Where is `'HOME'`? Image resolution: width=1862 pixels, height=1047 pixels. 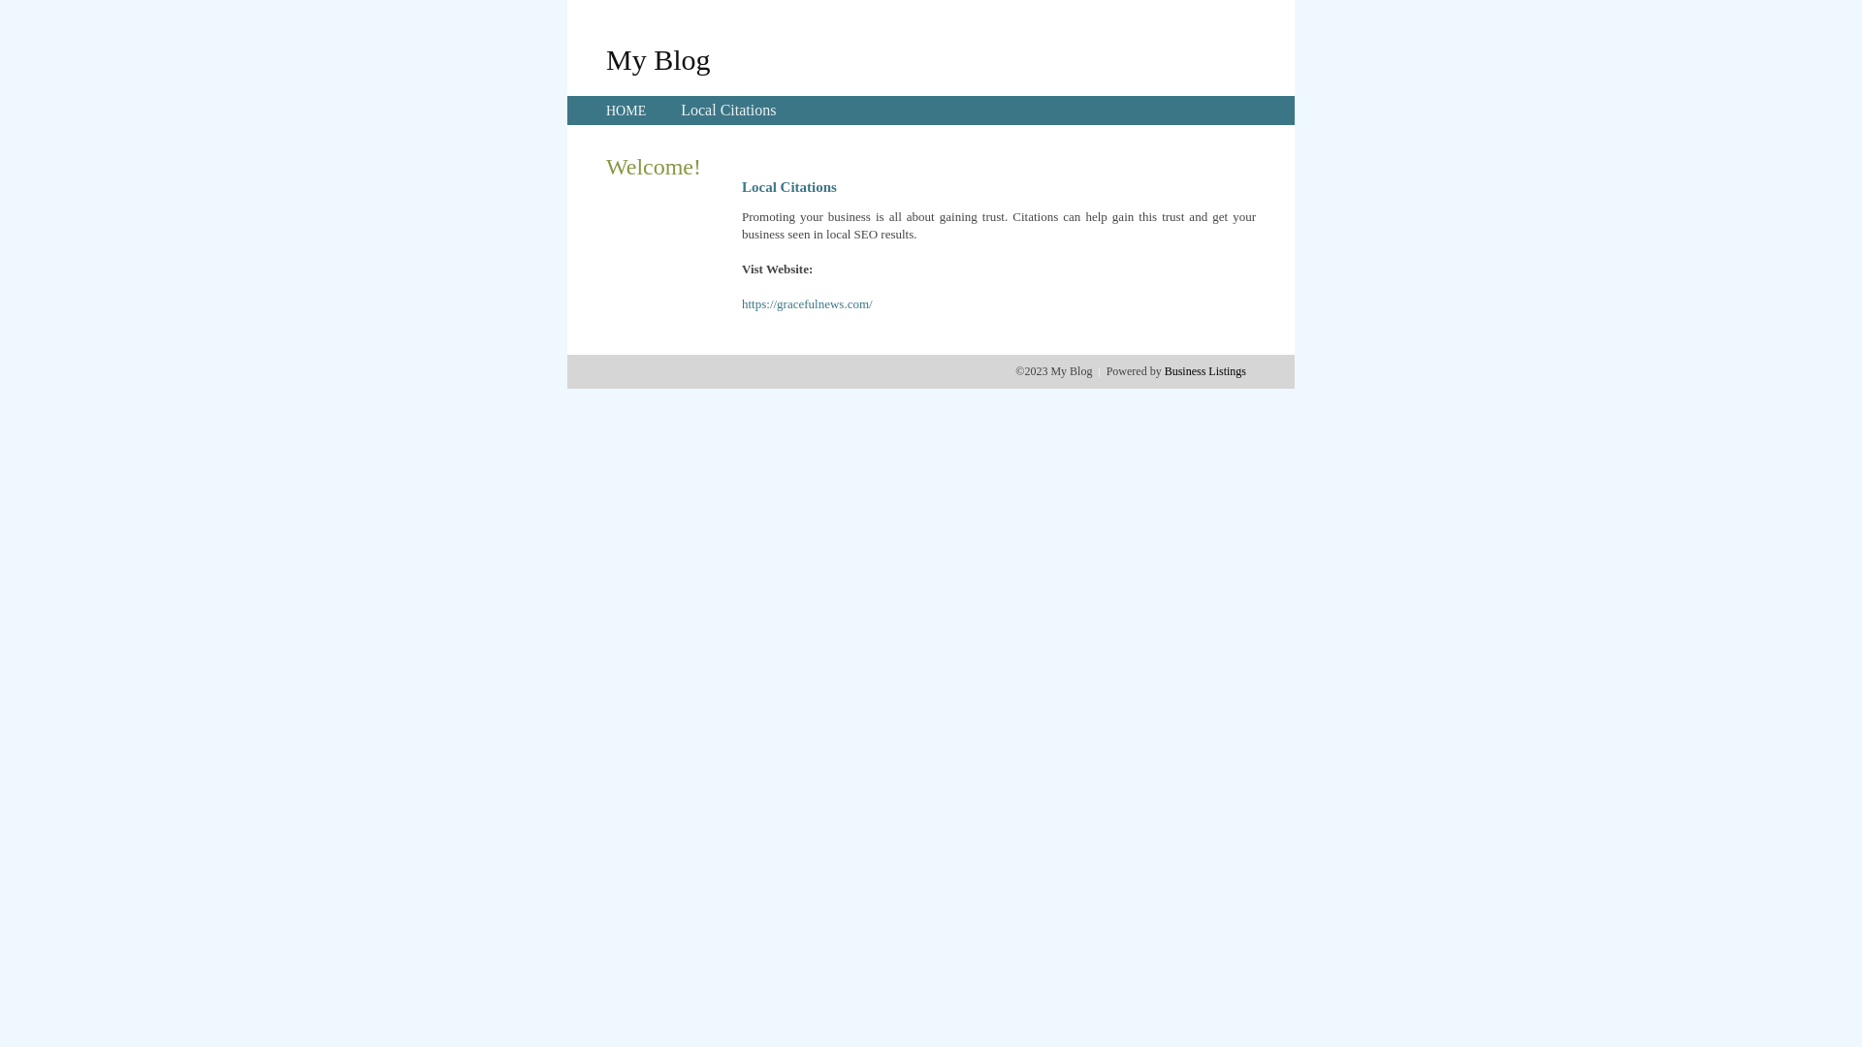
'HOME' is located at coordinates (626, 111).